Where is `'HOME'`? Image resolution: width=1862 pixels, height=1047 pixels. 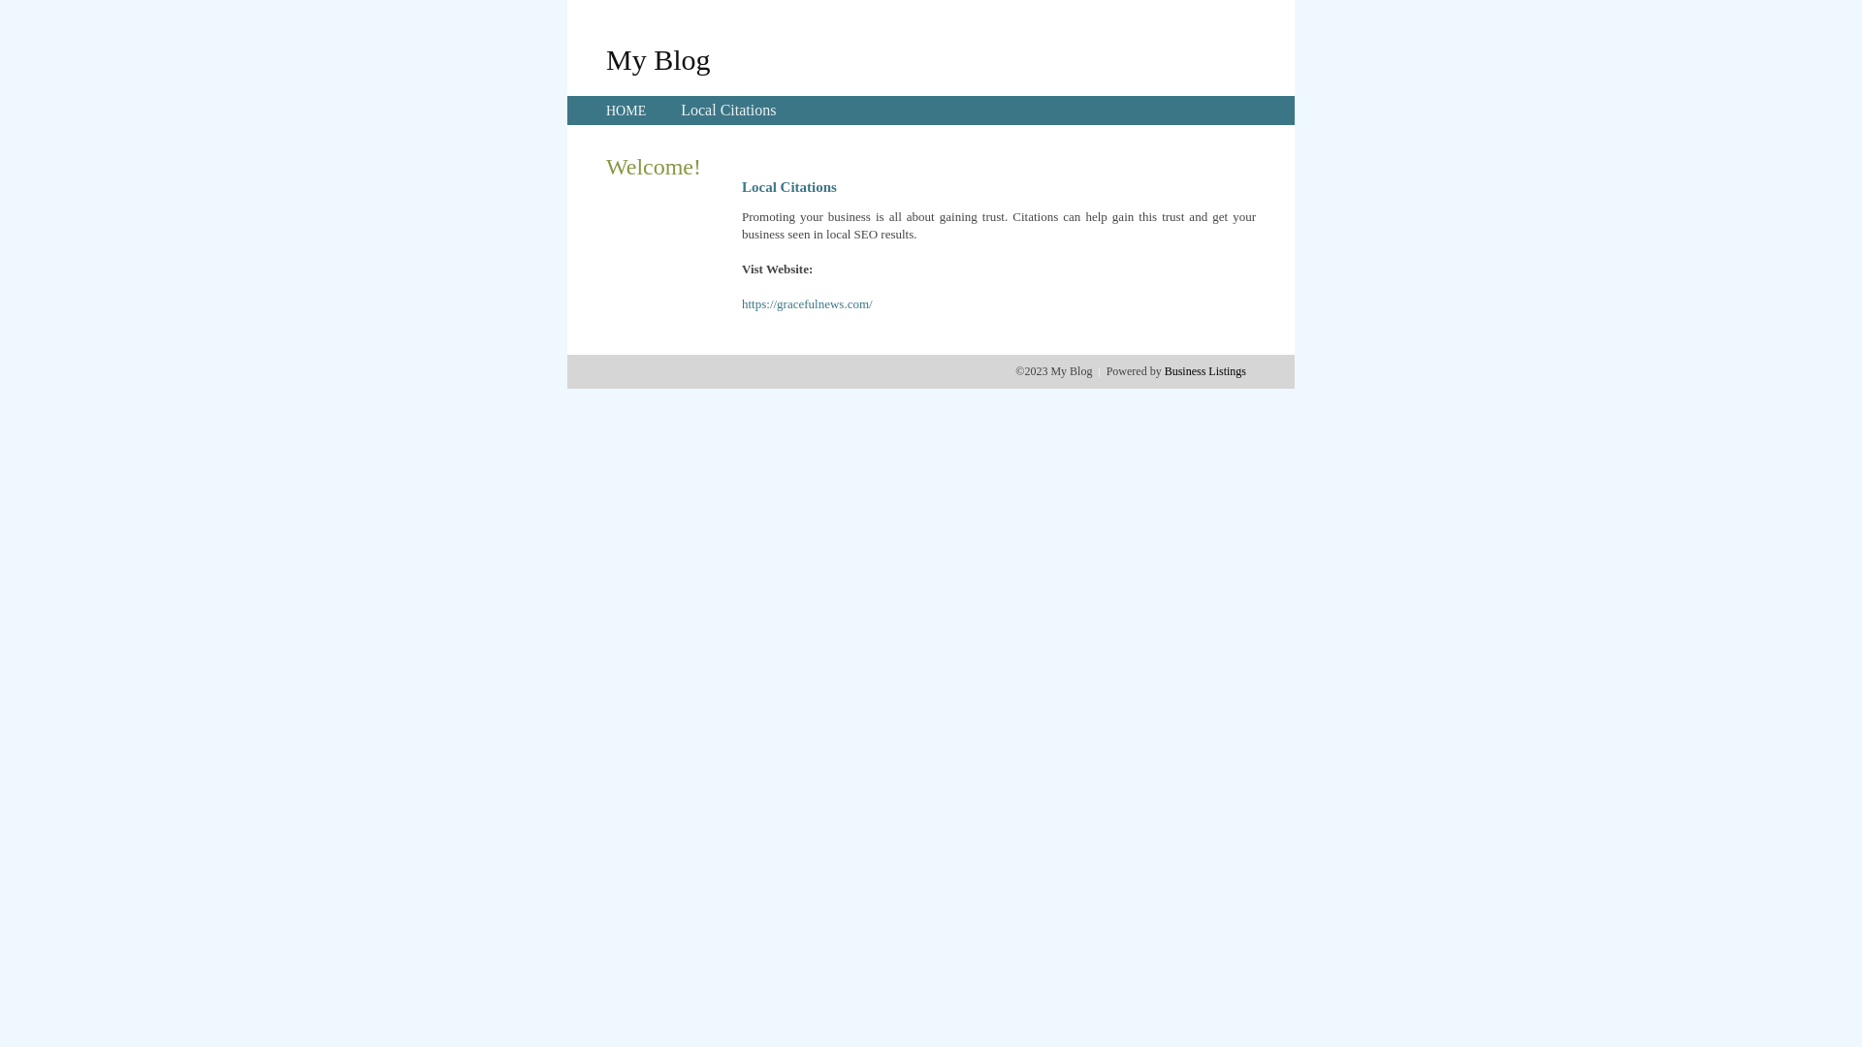
'HOME' is located at coordinates (626, 111).